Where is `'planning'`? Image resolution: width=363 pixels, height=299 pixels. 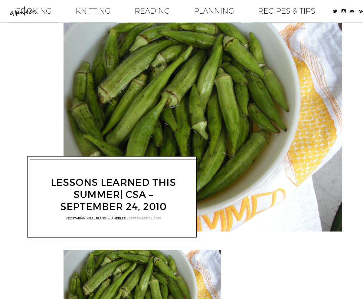
'planning' is located at coordinates (252, 8).